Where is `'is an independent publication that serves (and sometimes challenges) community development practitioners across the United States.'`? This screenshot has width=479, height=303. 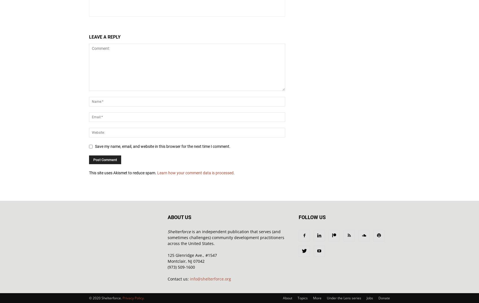 'is an independent publication that serves (and sometimes challenges) community development practitioners across the United States.' is located at coordinates (226, 237).